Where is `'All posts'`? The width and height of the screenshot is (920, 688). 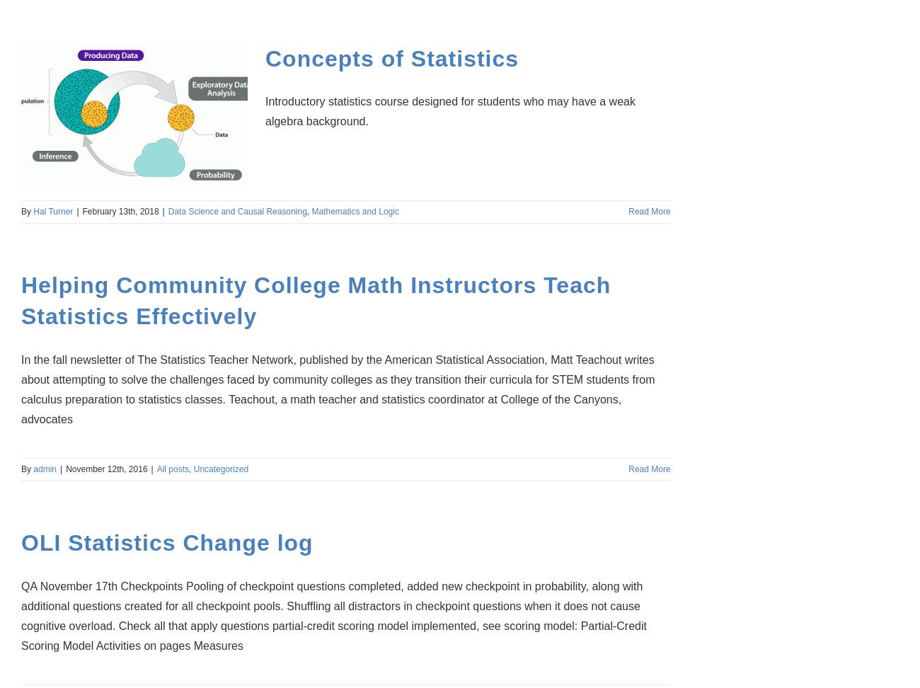
'All posts' is located at coordinates (172, 469).